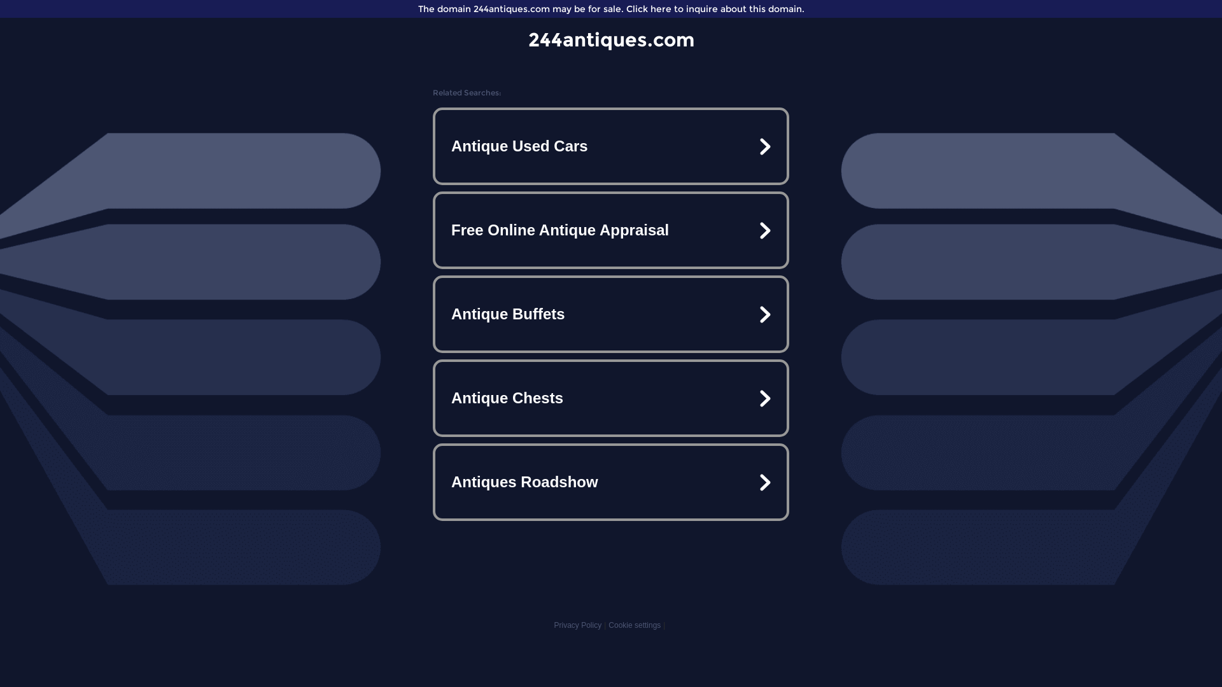  I want to click on 'Cookie settings', so click(635, 625).